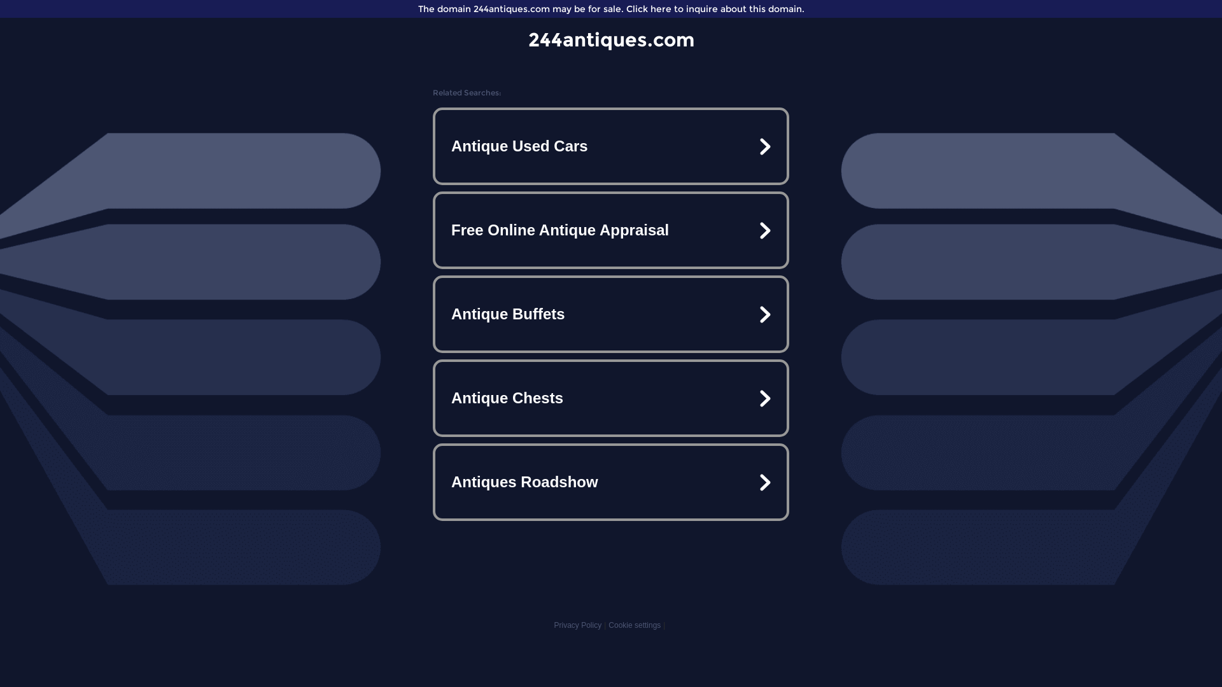  I want to click on 'Cookie settings', so click(635, 625).